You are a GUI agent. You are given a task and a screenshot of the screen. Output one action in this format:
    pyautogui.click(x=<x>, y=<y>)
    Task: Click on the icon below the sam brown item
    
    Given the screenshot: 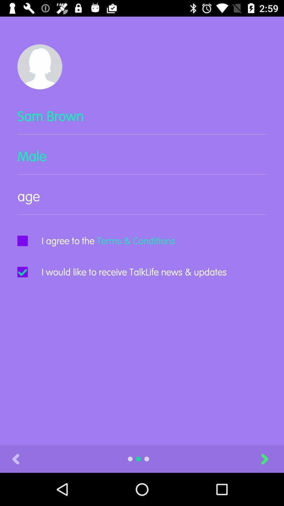 What is the action you would take?
    pyautogui.click(x=142, y=160)
    